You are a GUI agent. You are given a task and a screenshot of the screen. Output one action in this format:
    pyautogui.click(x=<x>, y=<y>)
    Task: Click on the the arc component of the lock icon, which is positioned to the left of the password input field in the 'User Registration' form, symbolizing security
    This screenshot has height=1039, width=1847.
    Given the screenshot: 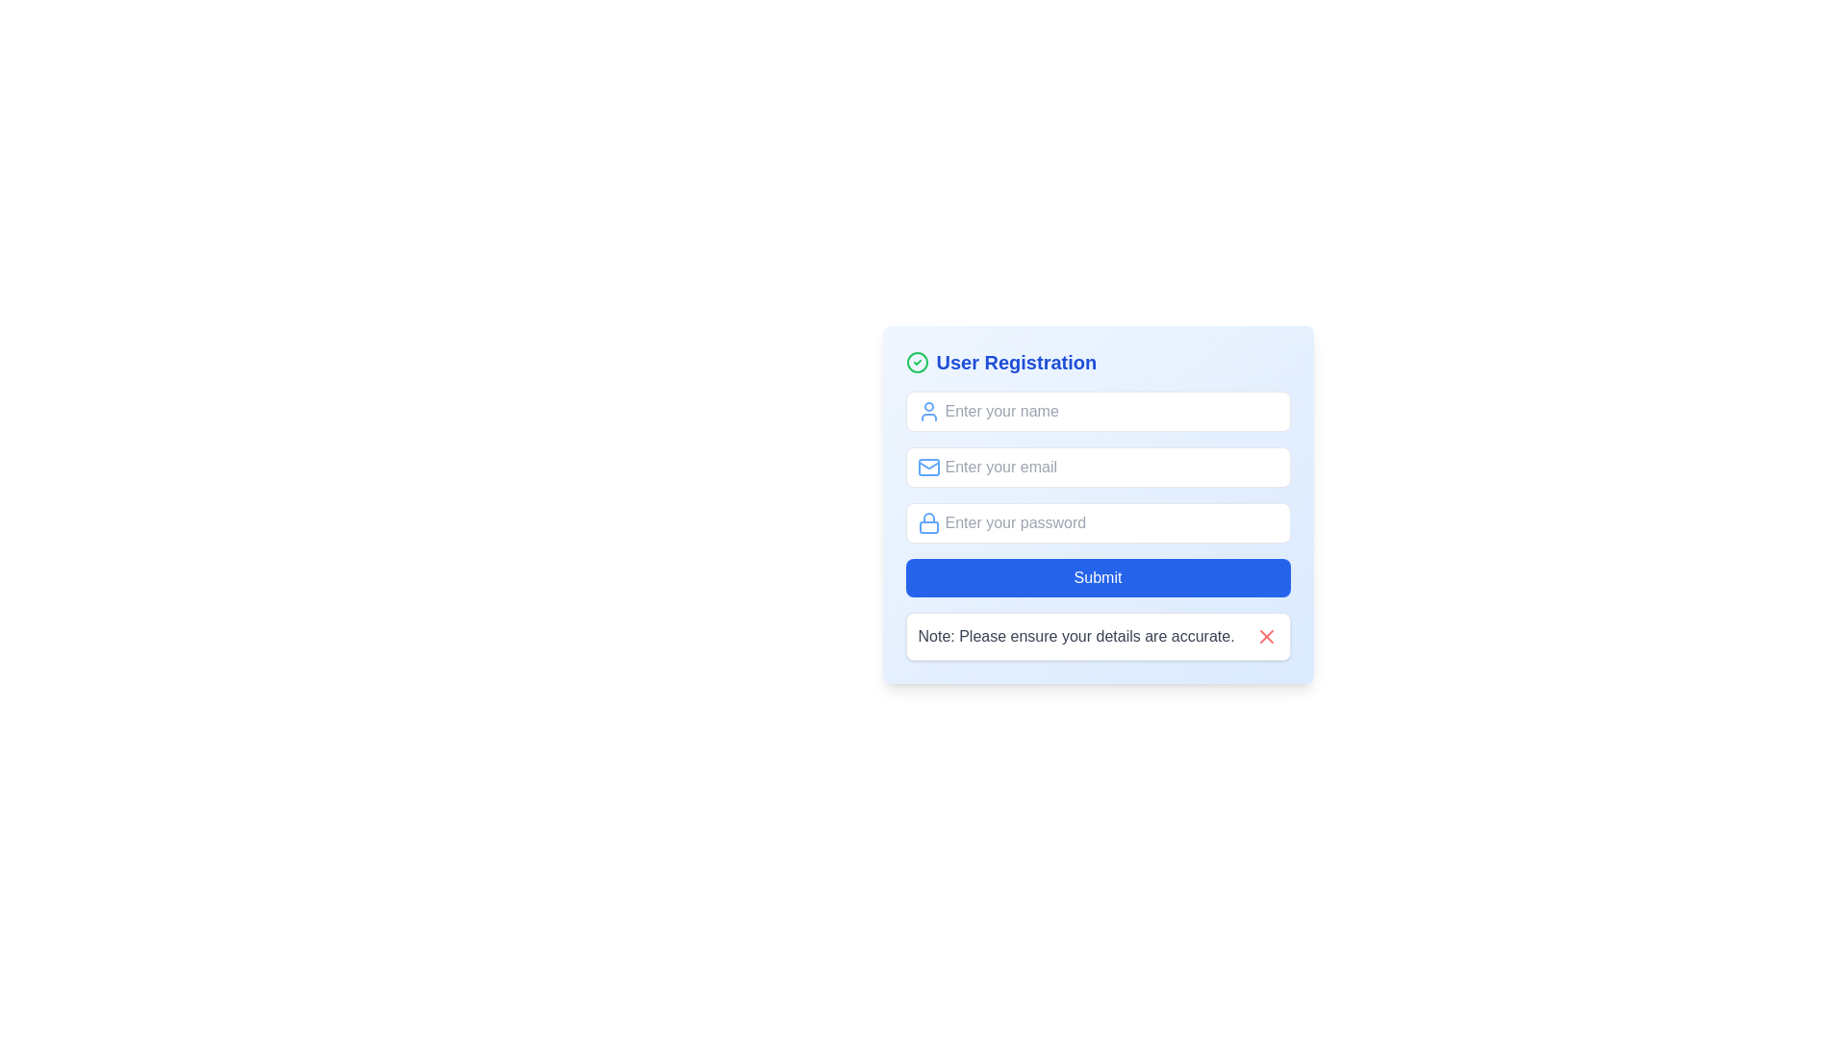 What is the action you would take?
    pyautogui.click(x=928, y=517)
    